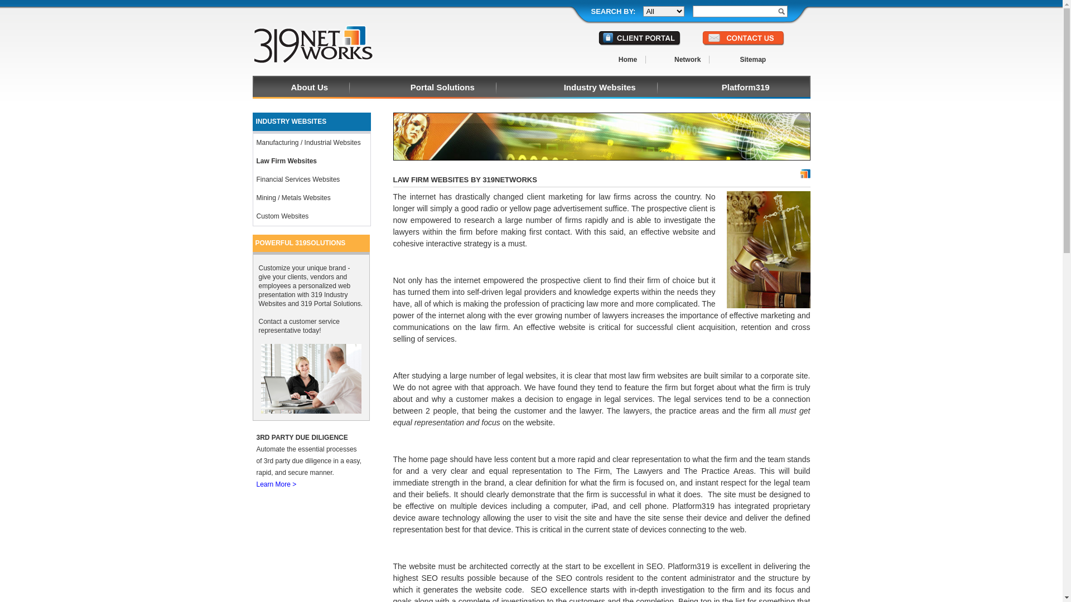 The image size is (1071, 602). What do you see at coordinates (666, 60) in the screenshot?
I see `'Network'` at bounding box center [666, 60].